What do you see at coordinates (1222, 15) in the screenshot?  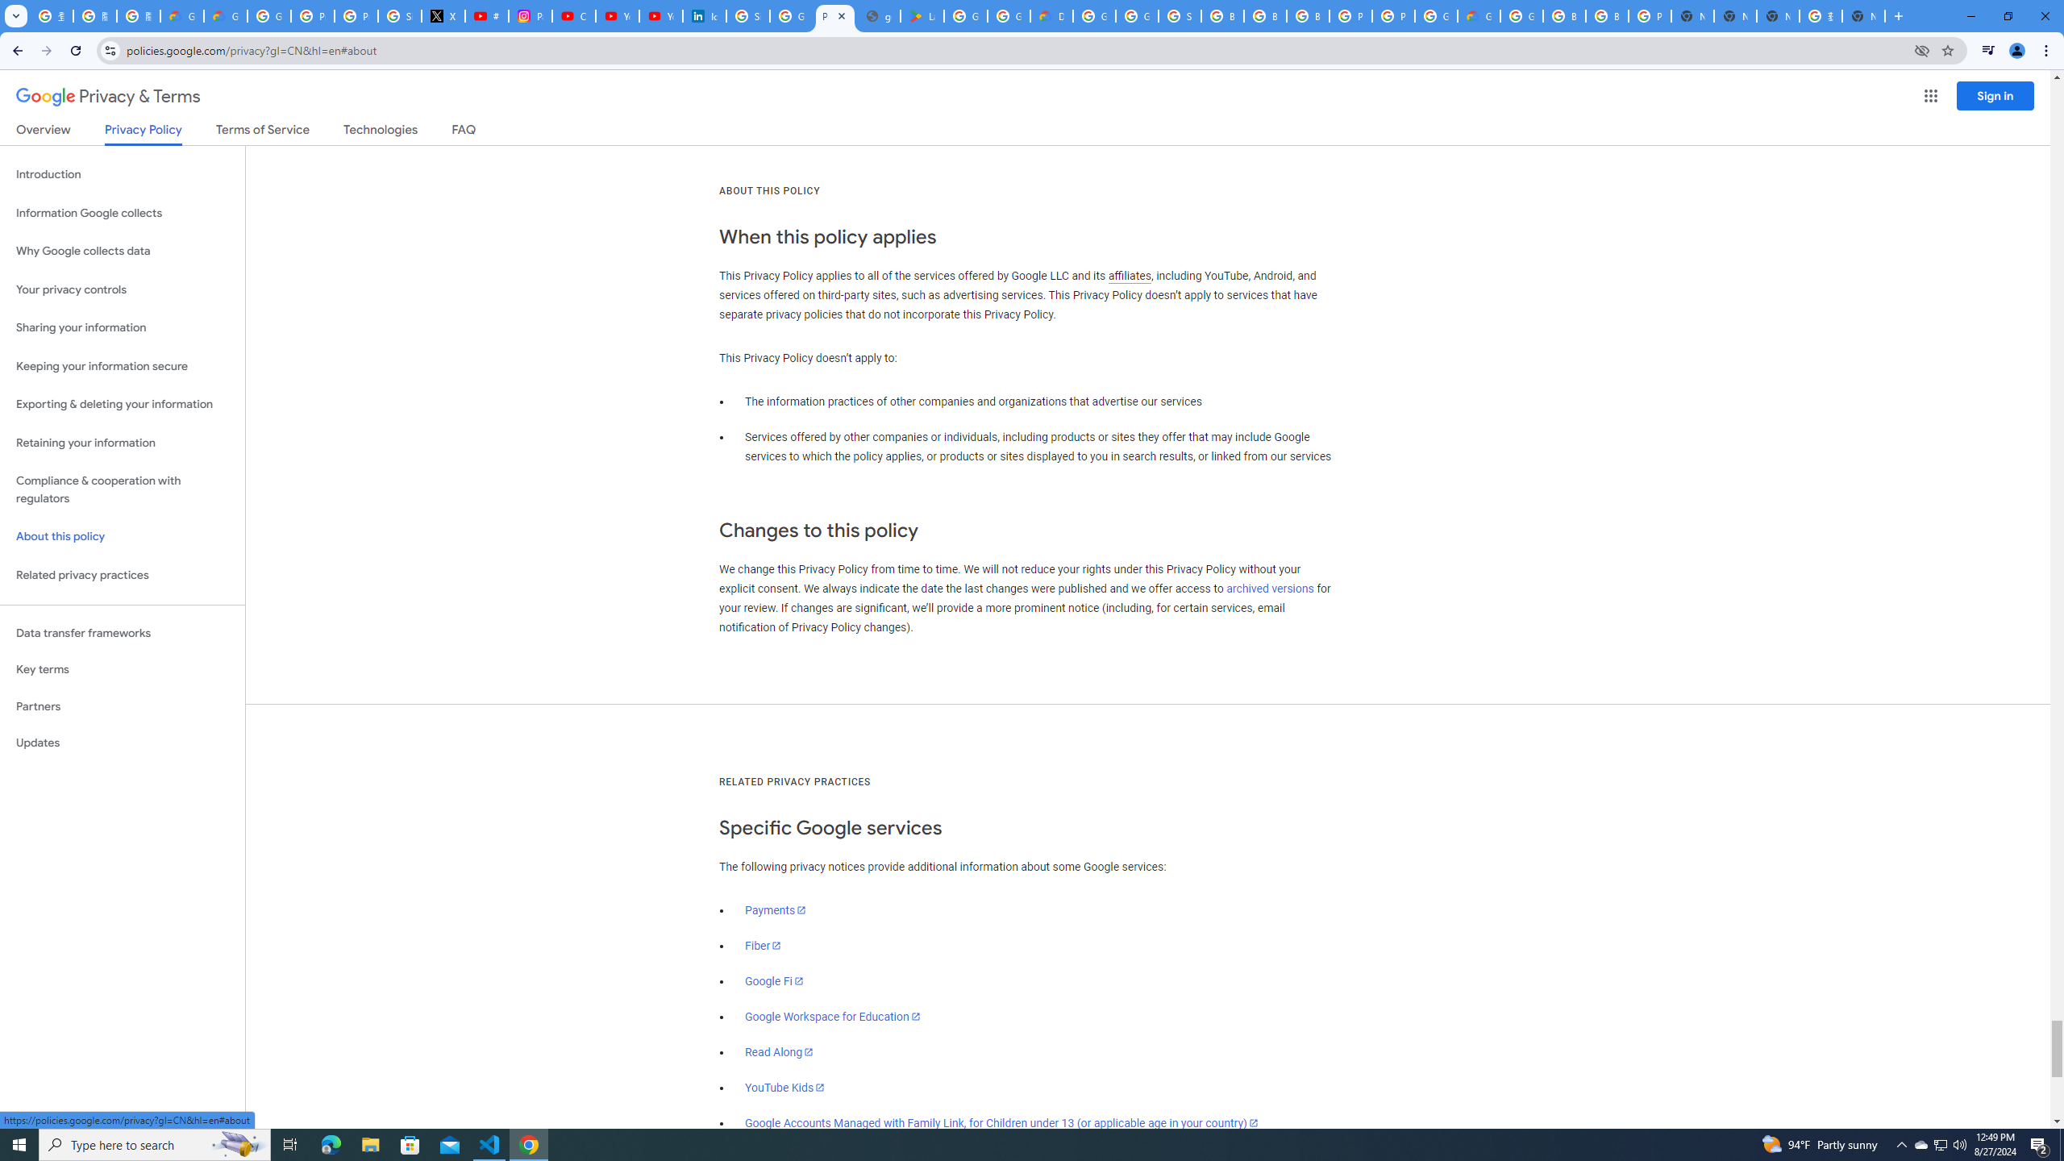 I see `'Browse Chrome as a guest - Computer - Google Chrome Help'` at bounding box center [1222, 15].